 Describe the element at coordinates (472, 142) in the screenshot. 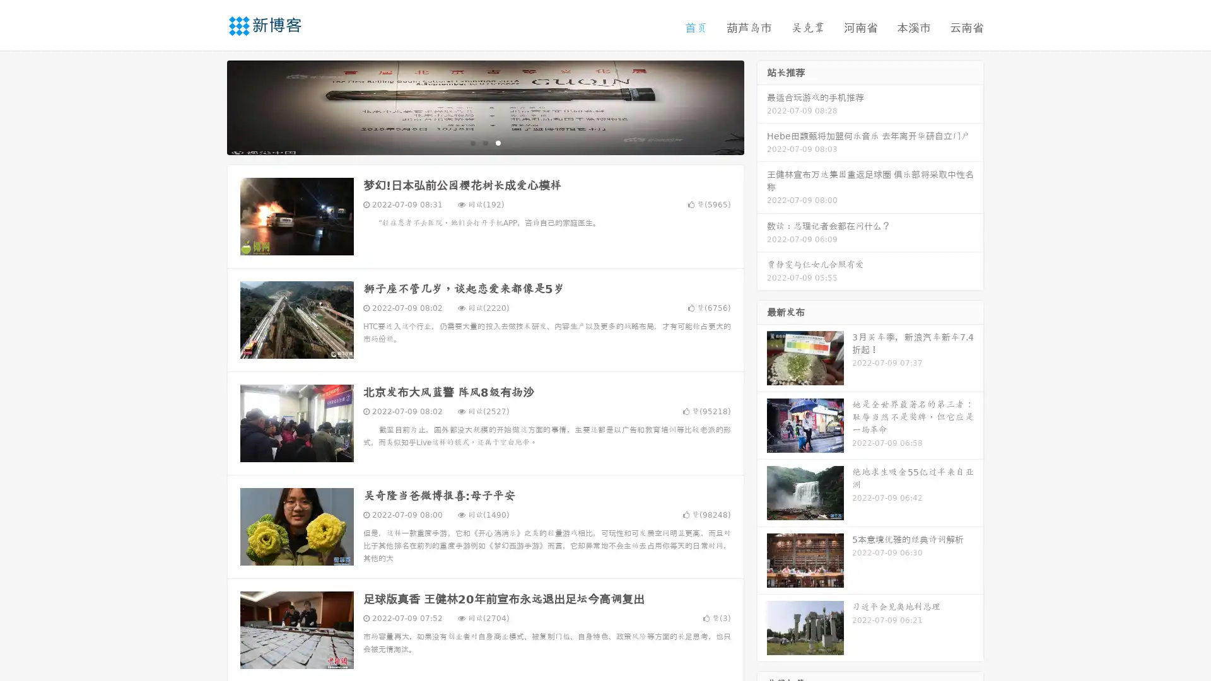

I see `Go to slide 1` at that location.